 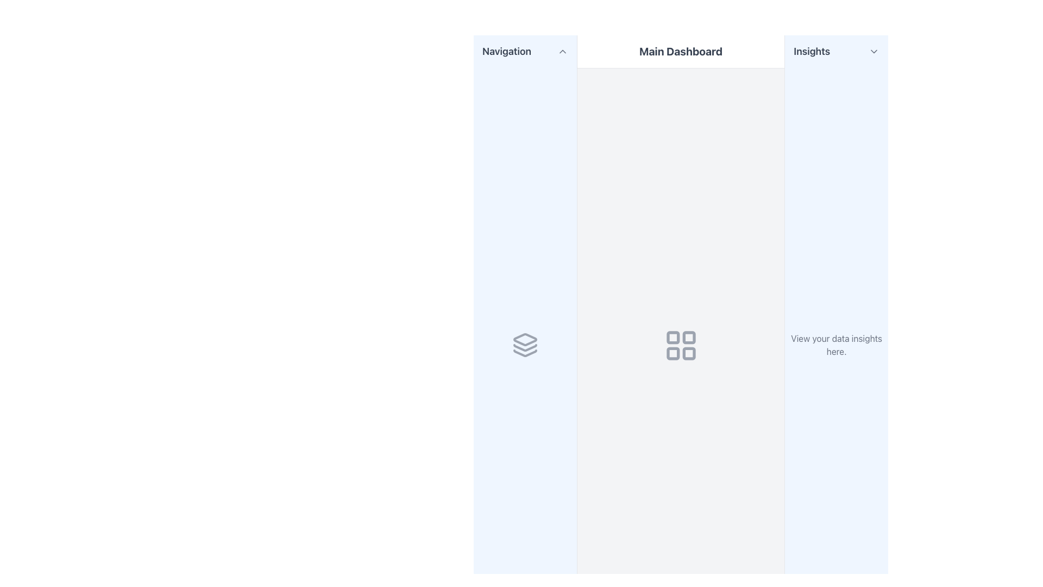 What do you see at coordinates (874, 52) in the screenshot?
I see `the chevron icon next to the 'Insights' text label` at bounding box center [874, 52].